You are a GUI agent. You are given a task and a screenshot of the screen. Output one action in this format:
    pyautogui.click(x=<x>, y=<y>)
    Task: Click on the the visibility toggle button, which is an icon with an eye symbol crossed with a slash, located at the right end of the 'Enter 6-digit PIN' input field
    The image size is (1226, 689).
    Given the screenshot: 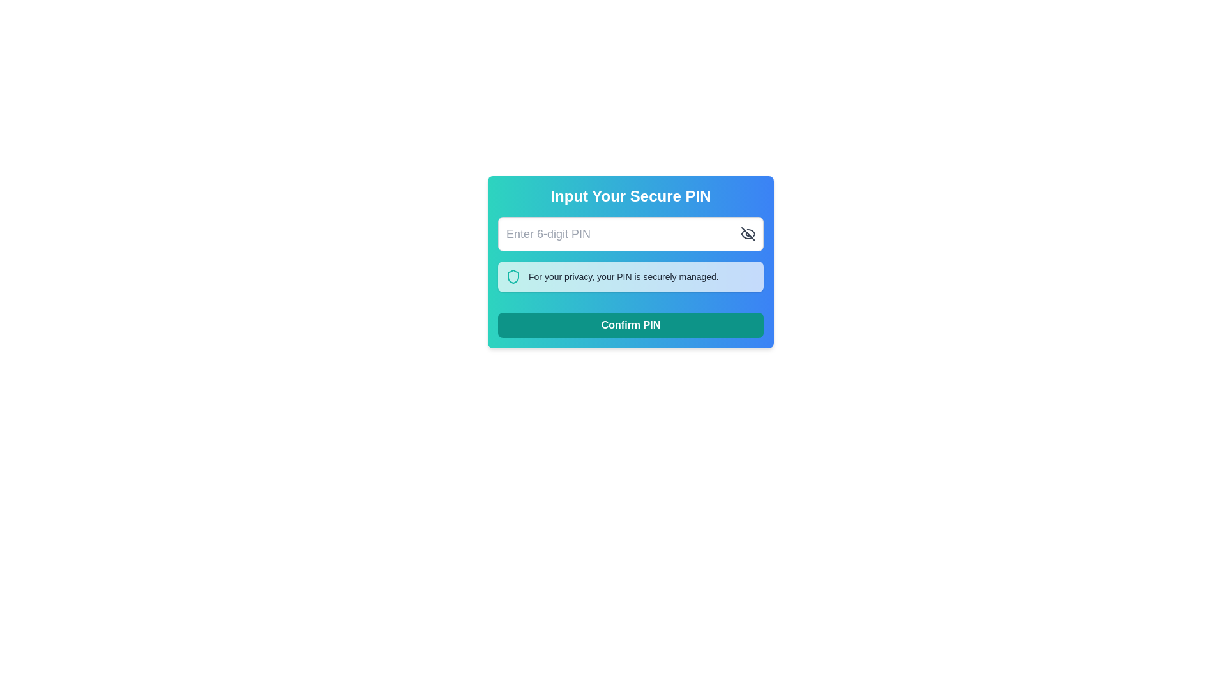 What is the action you would take?
    pyautogui.click(x=748, y=233)
    